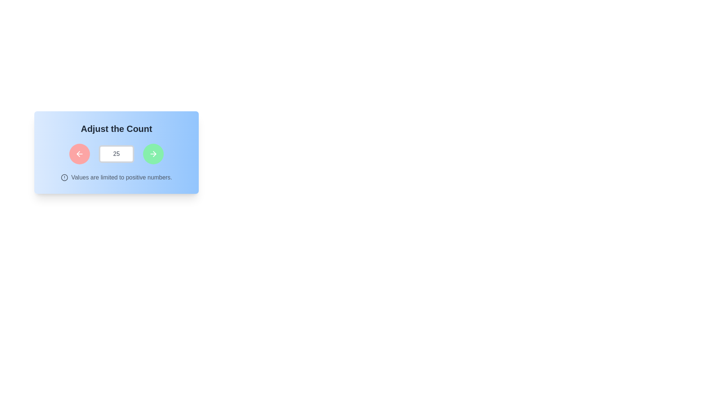 The image size is (708, 398). Describe the element at coordinates (65, 178) in the screenshot. I see `the circular warning icon with a central exclamation mark located to the left of the text 'Values are limited to positive numbers.'` at that location.